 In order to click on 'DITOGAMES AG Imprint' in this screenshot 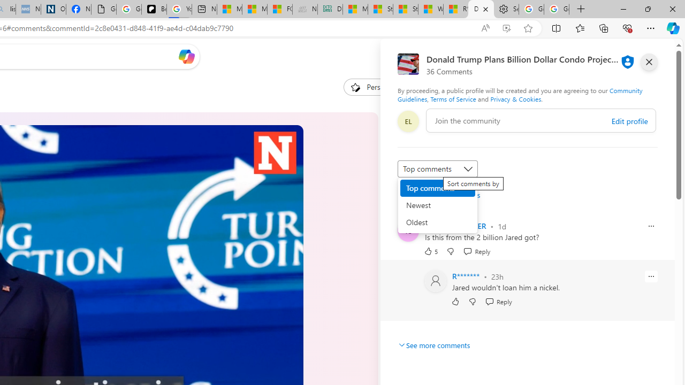, I will do `click(329, 9)`.